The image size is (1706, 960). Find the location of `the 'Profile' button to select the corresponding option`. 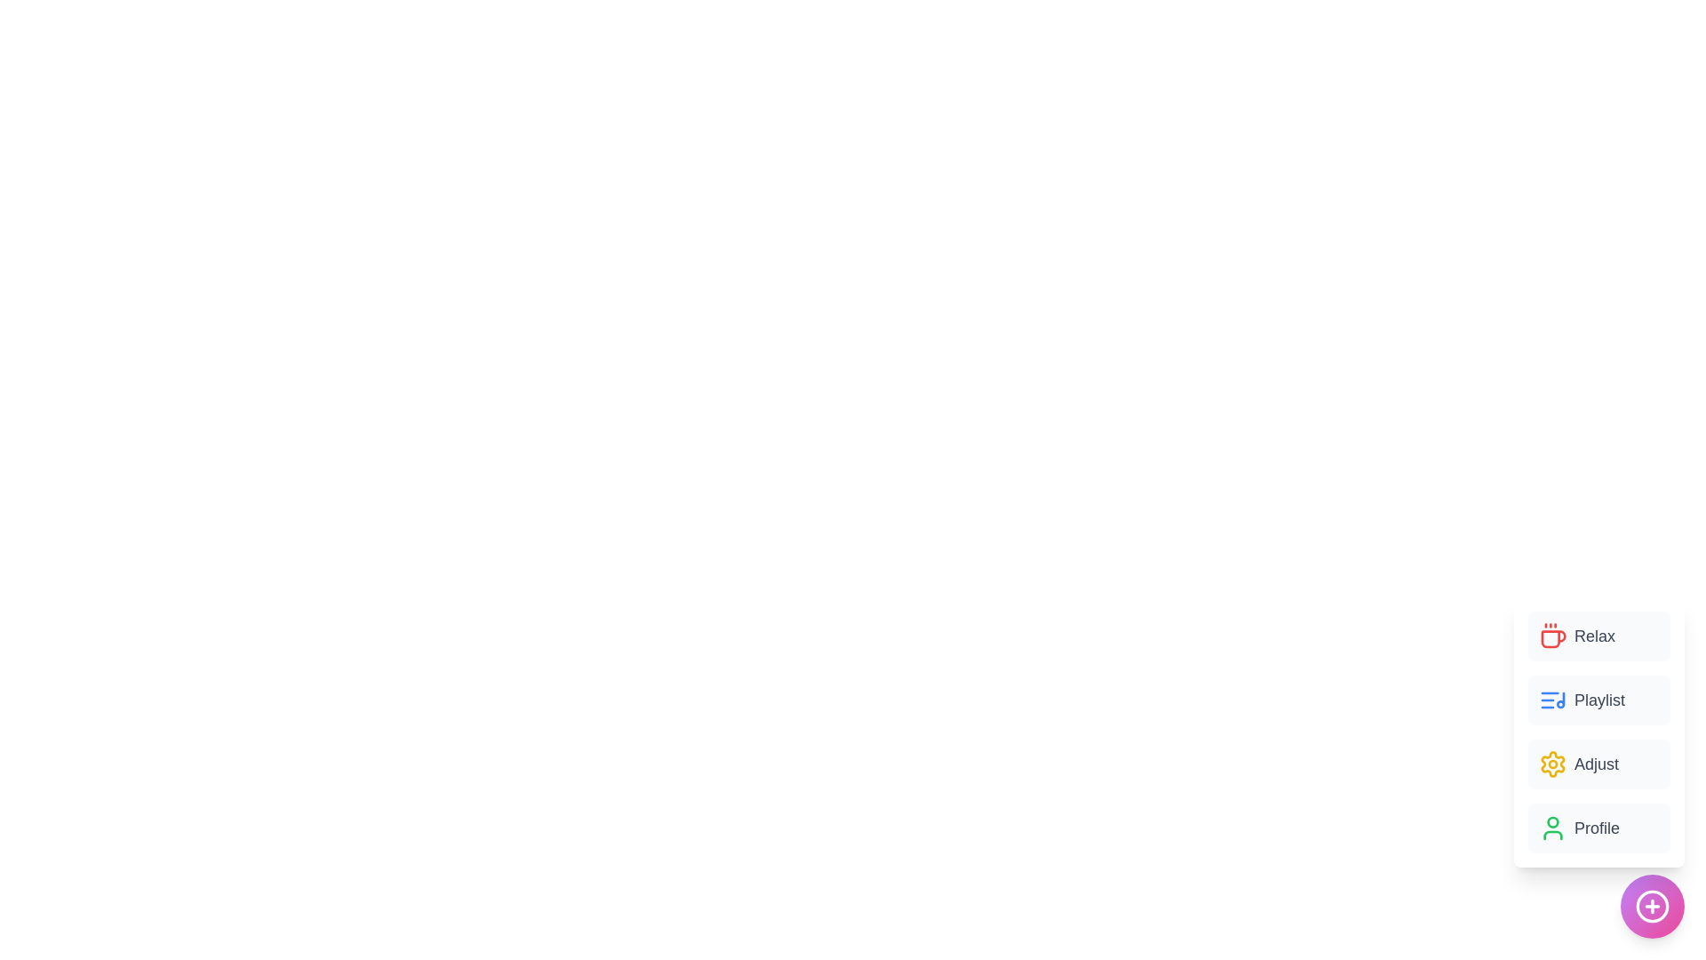

the 'Profile' button to select the corresponding option is located at coordinates (1599, 828).